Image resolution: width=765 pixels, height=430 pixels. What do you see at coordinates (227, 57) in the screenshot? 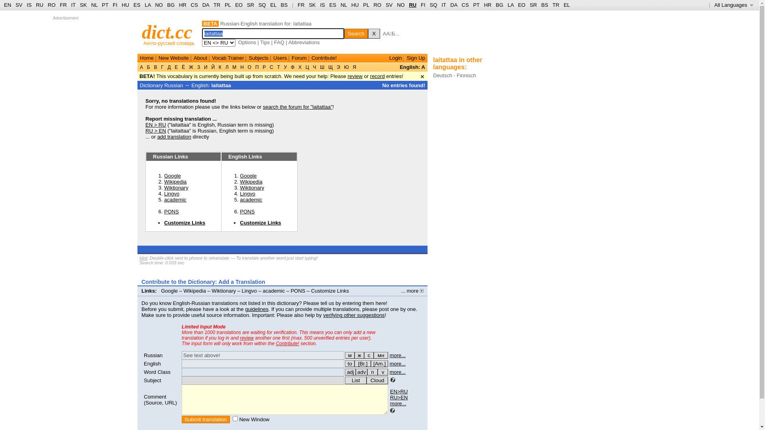
I see `'Vocab Trainer'` at bounding box center [227, 57].